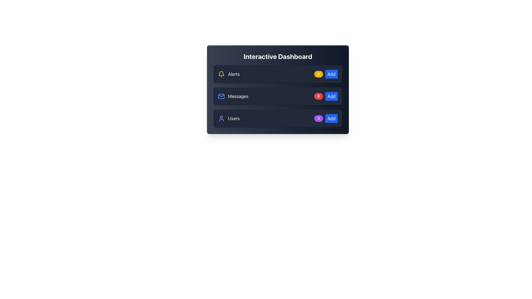 Image resolution: width=532 pixels, height=299 pixels. Describe the element at coordinates (326, 118) in the screenshot. I see `the button group next to the 'Users' title in the bottom row of the card layout` at that location.